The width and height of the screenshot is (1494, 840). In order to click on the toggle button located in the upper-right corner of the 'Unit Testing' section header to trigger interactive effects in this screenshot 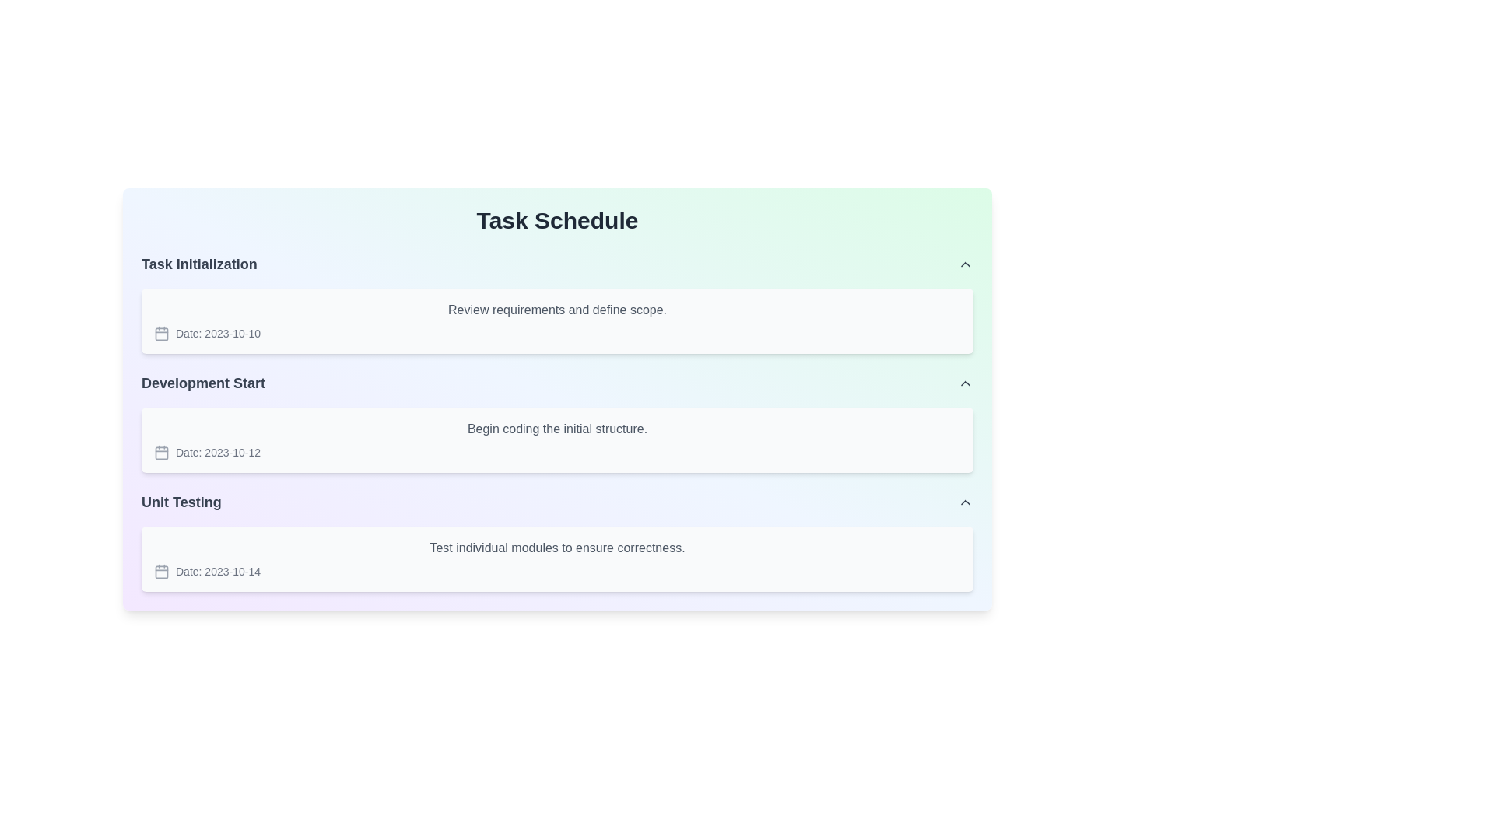, I will do `click(965, 502)`.